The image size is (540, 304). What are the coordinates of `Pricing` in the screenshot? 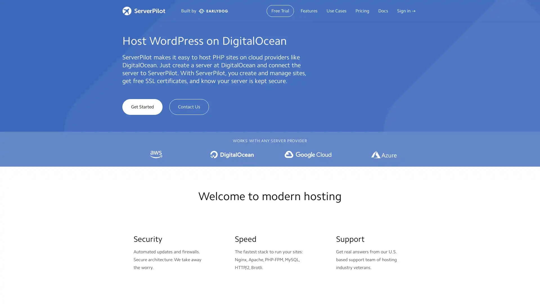 It's located at (362, 11).